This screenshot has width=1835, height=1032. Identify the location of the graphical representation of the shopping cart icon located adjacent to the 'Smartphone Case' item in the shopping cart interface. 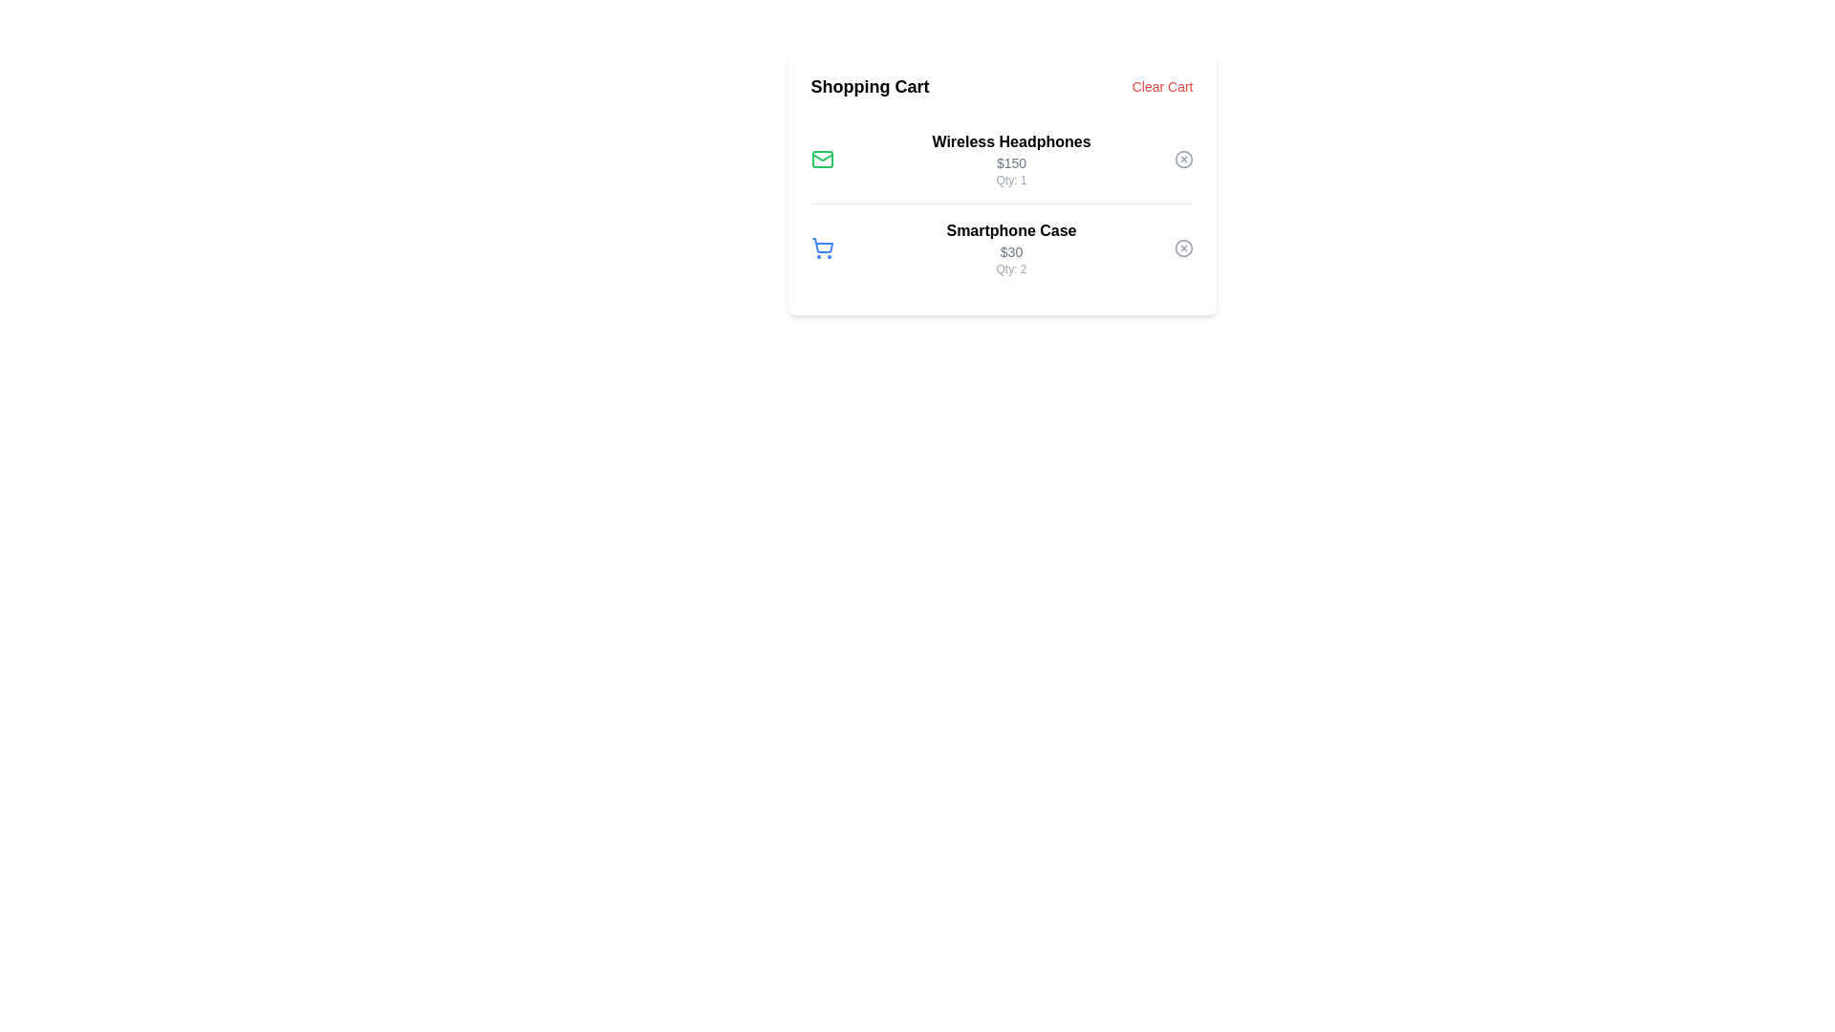
(822, 245).